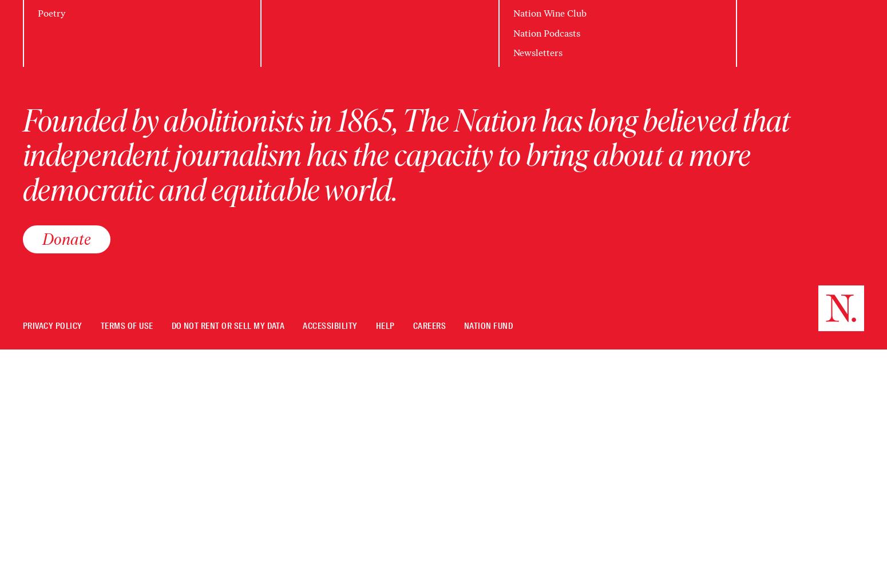 The width and height of the screenshot is (887, 572). I want to click on 'Donate', so click(66, 239).